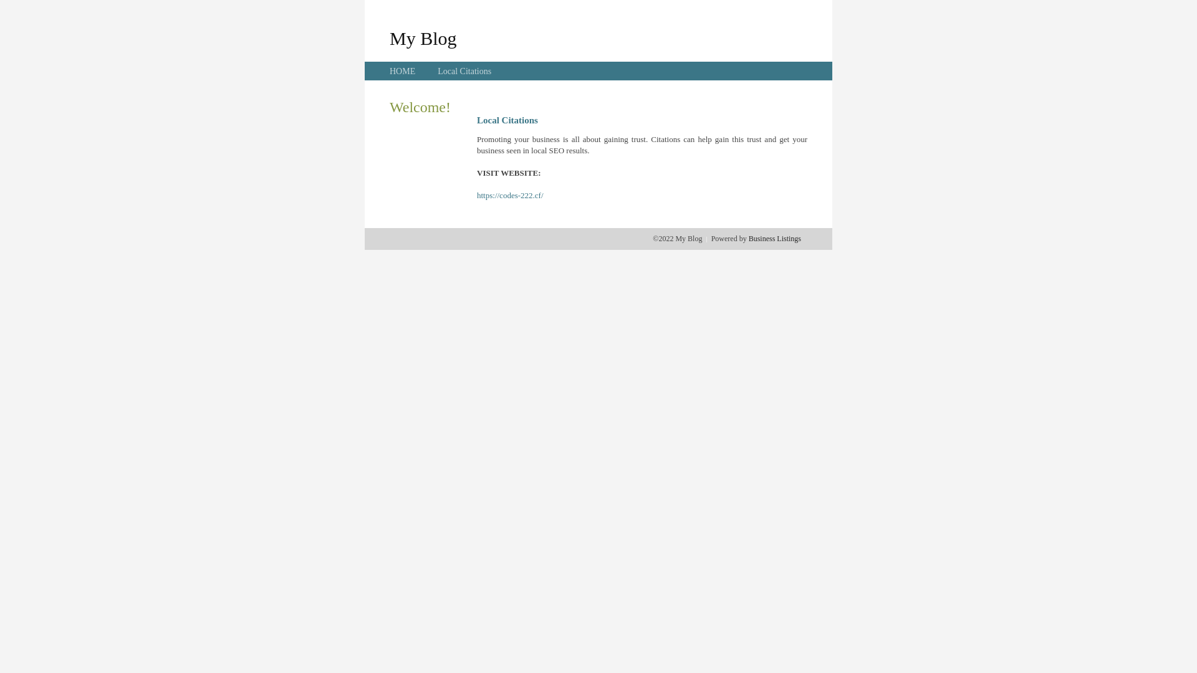 Image resolution: width=1197 pixels, height=673 pixels. Describe the element at coordinates (774, 238) in the screenshot. I see `'Business Listings'` at that location.